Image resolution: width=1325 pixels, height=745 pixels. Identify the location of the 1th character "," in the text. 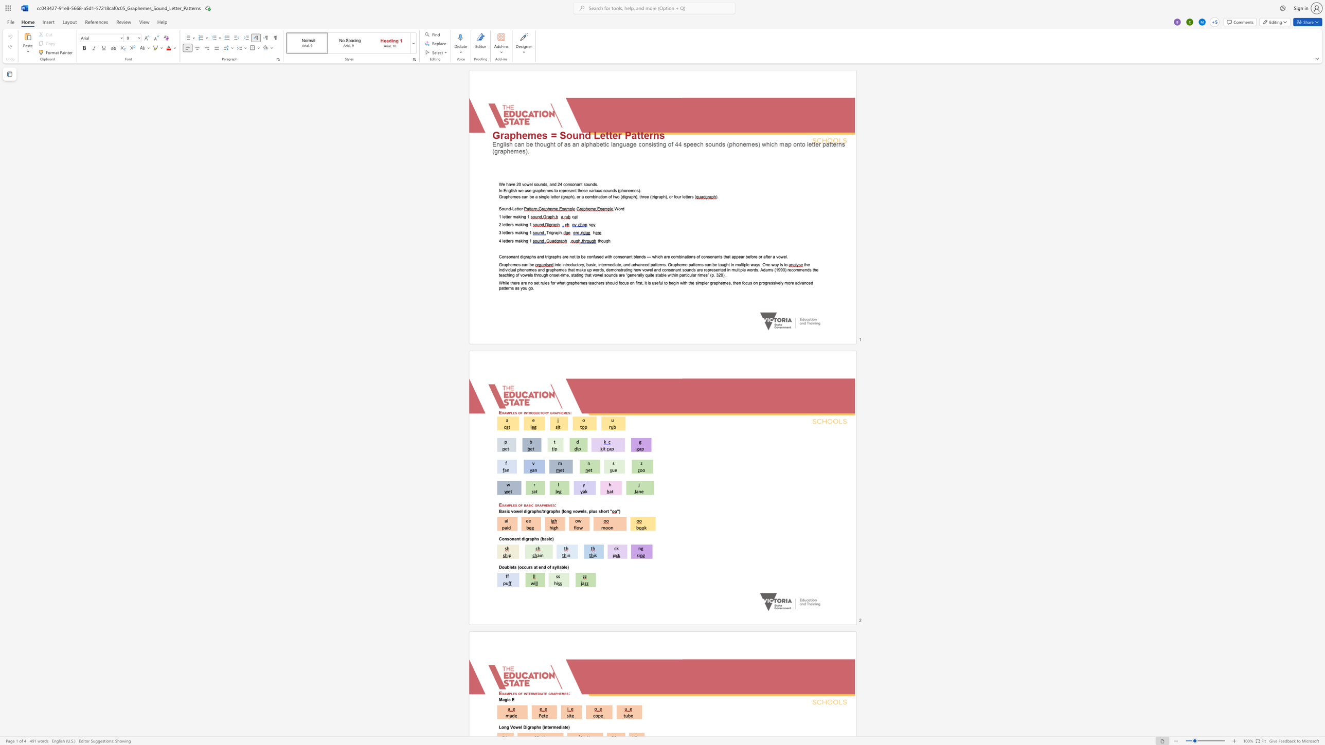
(562, 232).